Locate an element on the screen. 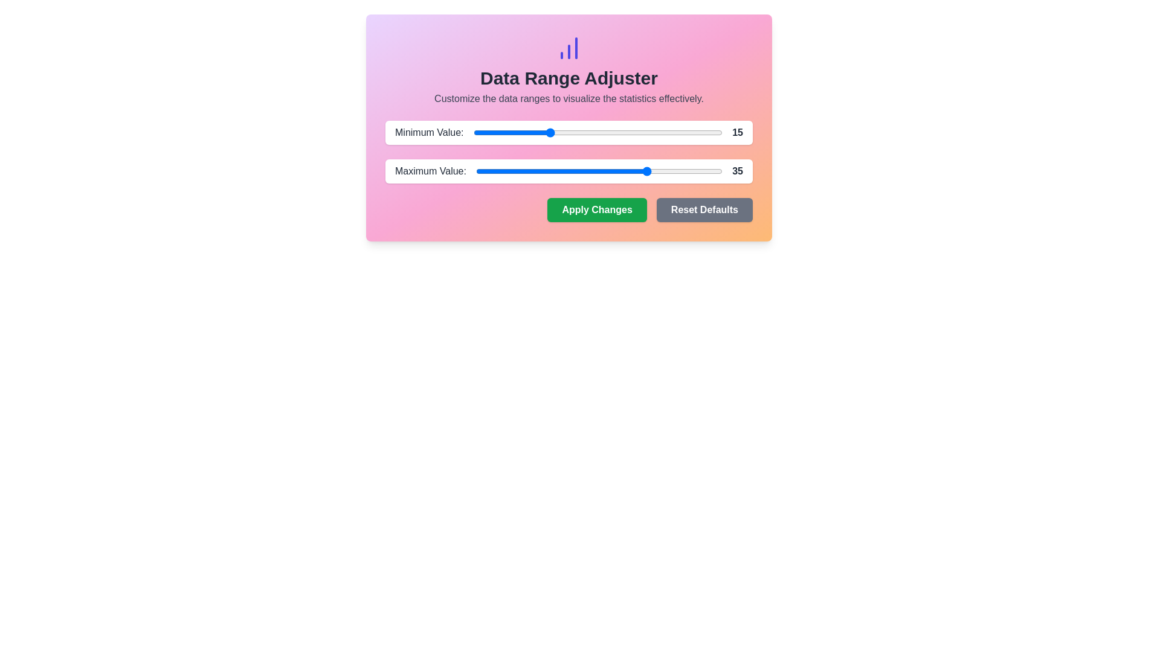  'Reset Defaults' button to revert settings to their default values is located at coordinates (704, 209).